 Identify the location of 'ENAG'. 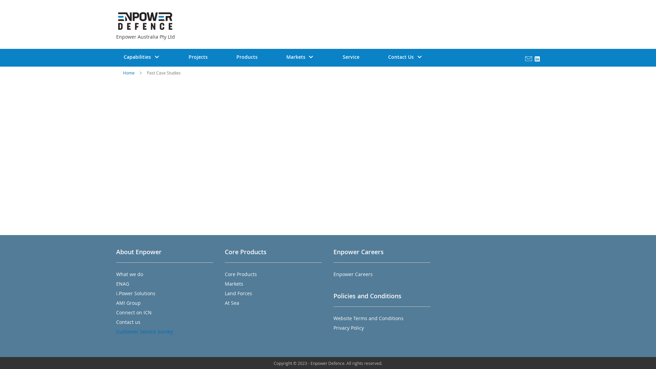
(123, 284).